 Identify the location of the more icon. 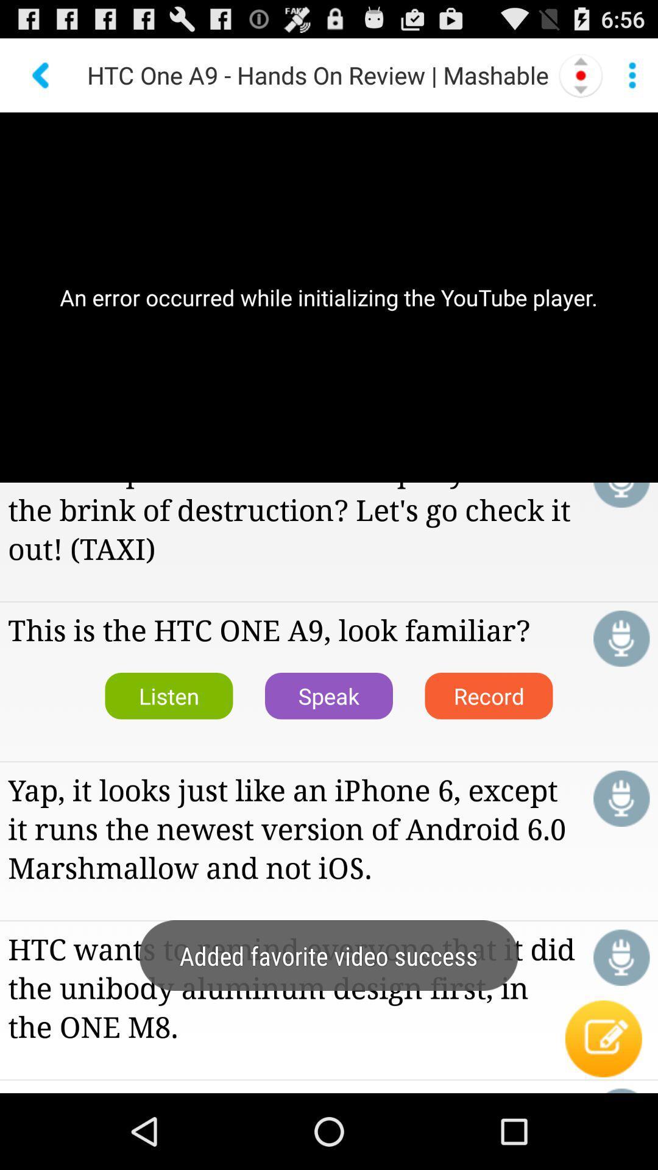
(631, 80).